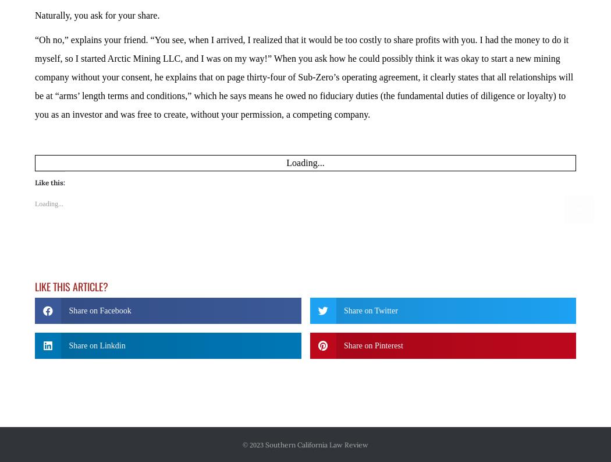  What do you see at coordinates (372, 312) in the screenshot?
I see `'Share on Pinterest'` at bounding box center [372, 312].